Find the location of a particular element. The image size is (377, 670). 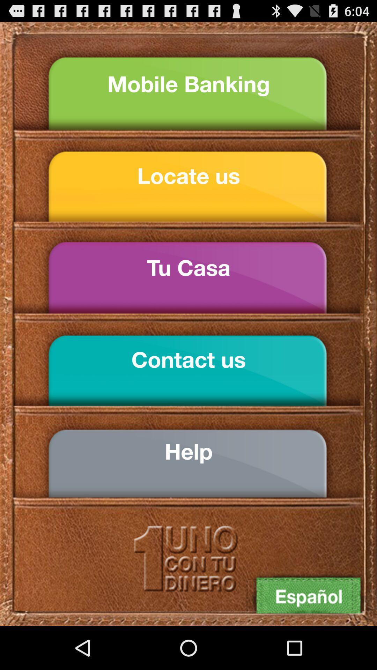

locate us app is located at coordinates (188, 176).